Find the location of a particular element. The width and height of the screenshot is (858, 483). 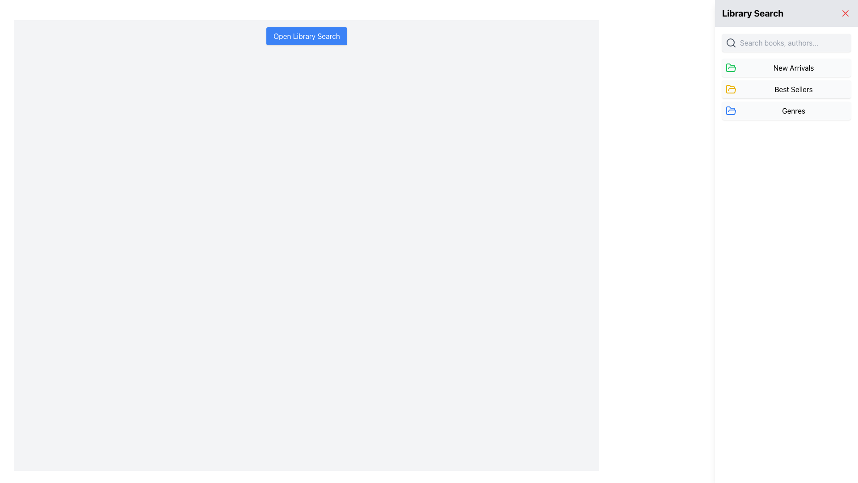

the small green icon resembling an open folder located in the 'New Arrivals' section is located at coordinates (731, 67).